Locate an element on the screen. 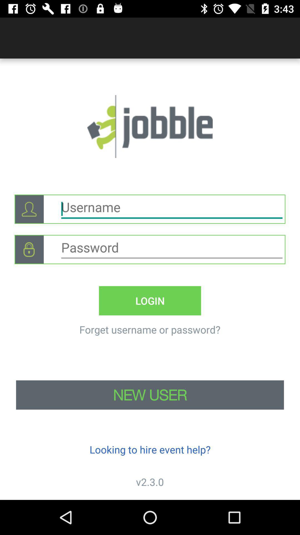 This screenshot has height=535, width=300. new user icon is located at coordinates (150, 395).